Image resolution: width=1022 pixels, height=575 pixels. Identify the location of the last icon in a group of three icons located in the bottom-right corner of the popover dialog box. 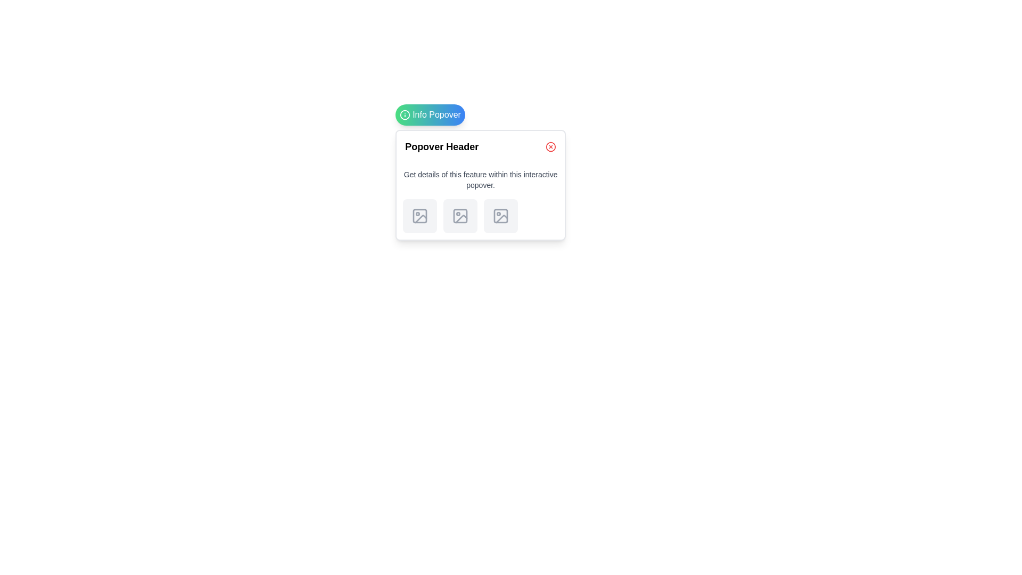
(500, 216).